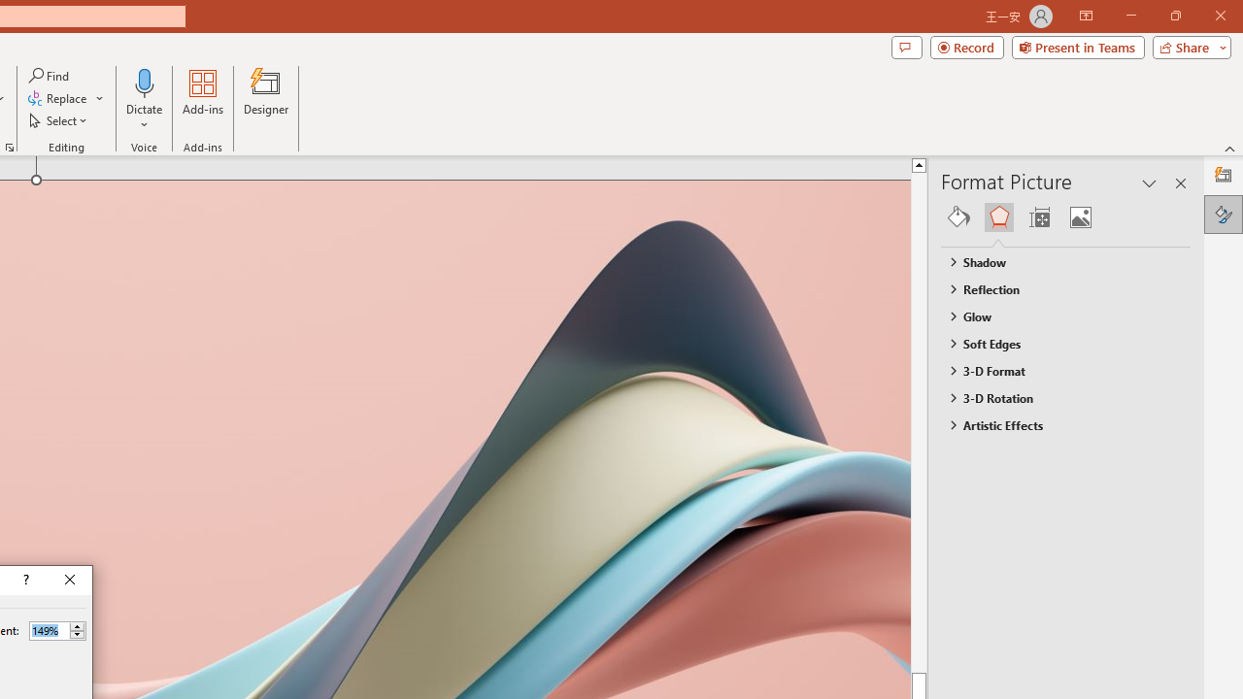  Describe the element at coordinates (59, 120) in the screenshot. I see `'Select'` at that location.